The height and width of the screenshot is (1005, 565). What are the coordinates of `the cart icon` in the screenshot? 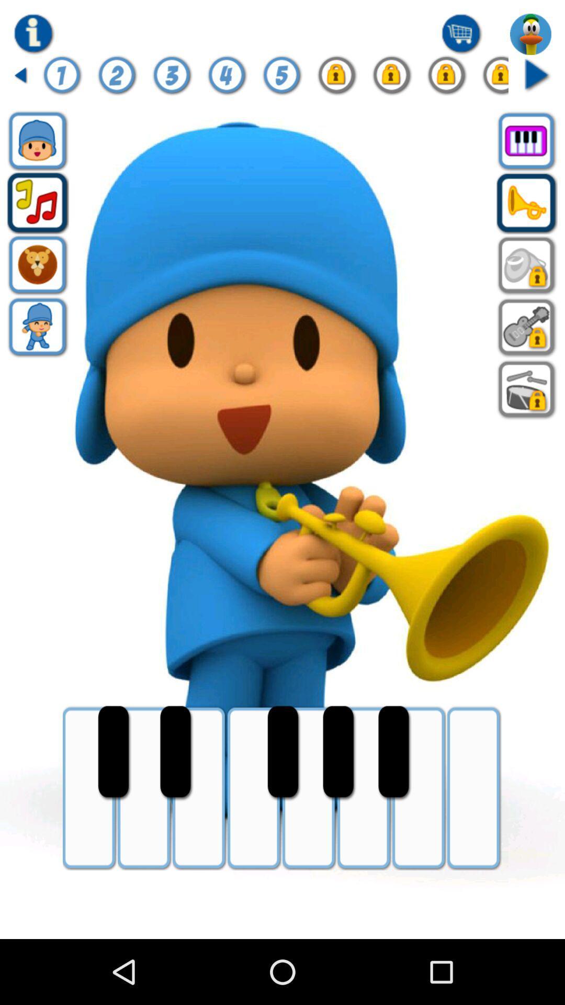 It's located at (461, 37).